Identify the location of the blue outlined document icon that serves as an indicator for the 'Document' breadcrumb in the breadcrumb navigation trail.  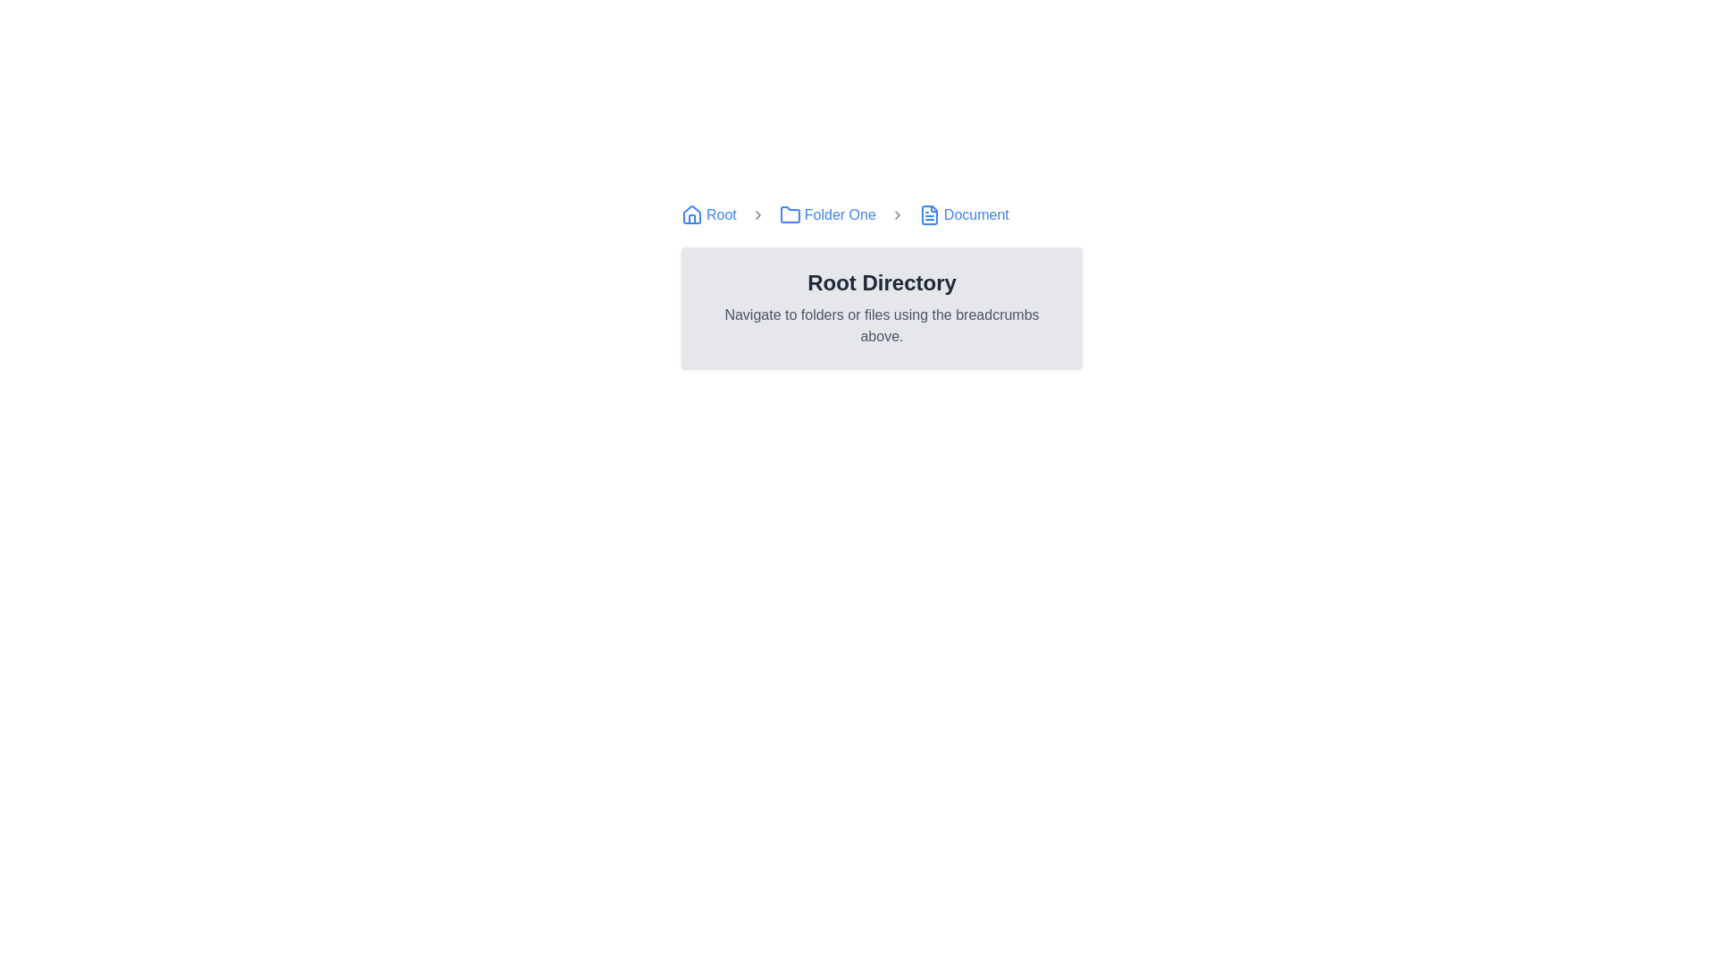
(929, 214).